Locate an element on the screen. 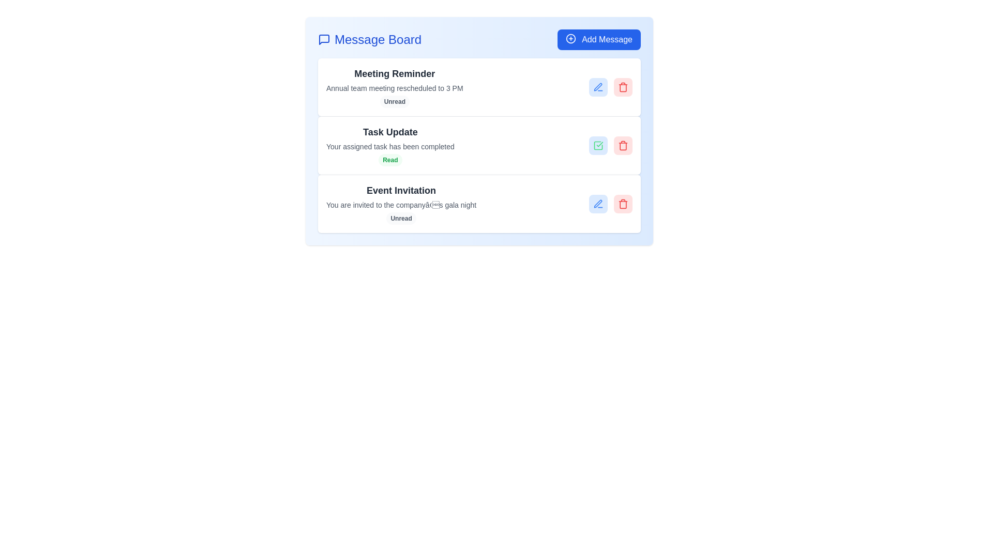  the message icon in the 'Message Board' header section, which is represented by a speech bubble style with a tail on the left, located before the text 'Message Board' is located at coordinates (324, 39).